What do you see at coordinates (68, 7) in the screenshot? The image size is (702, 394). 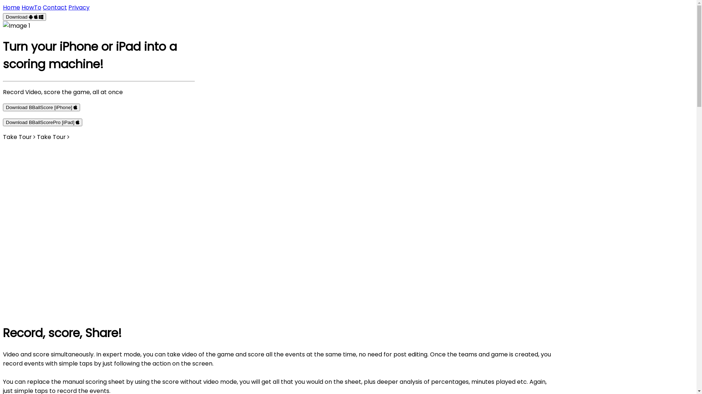 I see `'Privacy'` at bounding box center [68, 7].